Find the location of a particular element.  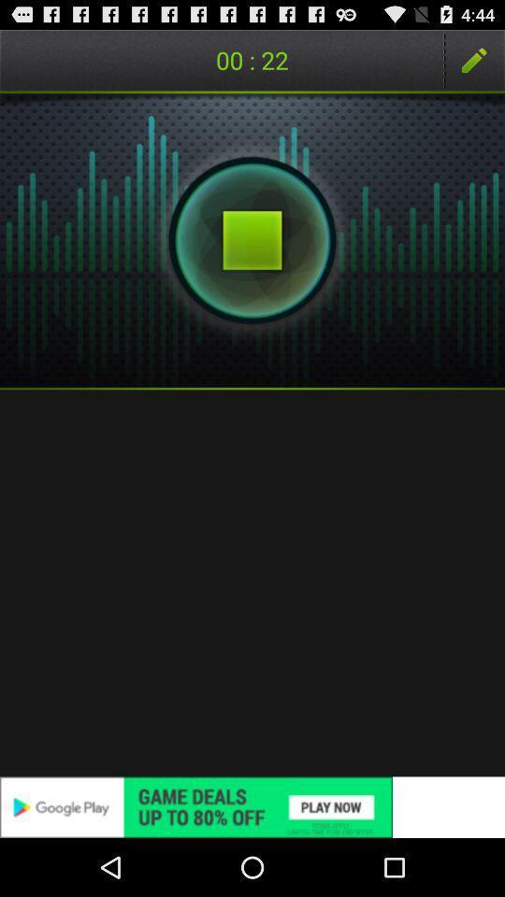

the item to the right of 01 : 15 item is located at coordinates (474, 60).